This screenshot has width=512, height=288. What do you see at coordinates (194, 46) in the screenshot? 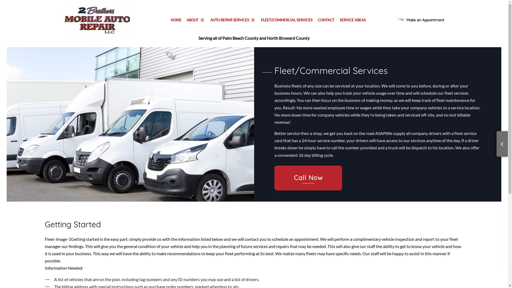
I see `'TESTIMONIALS'` at bounding box center [194, 46].